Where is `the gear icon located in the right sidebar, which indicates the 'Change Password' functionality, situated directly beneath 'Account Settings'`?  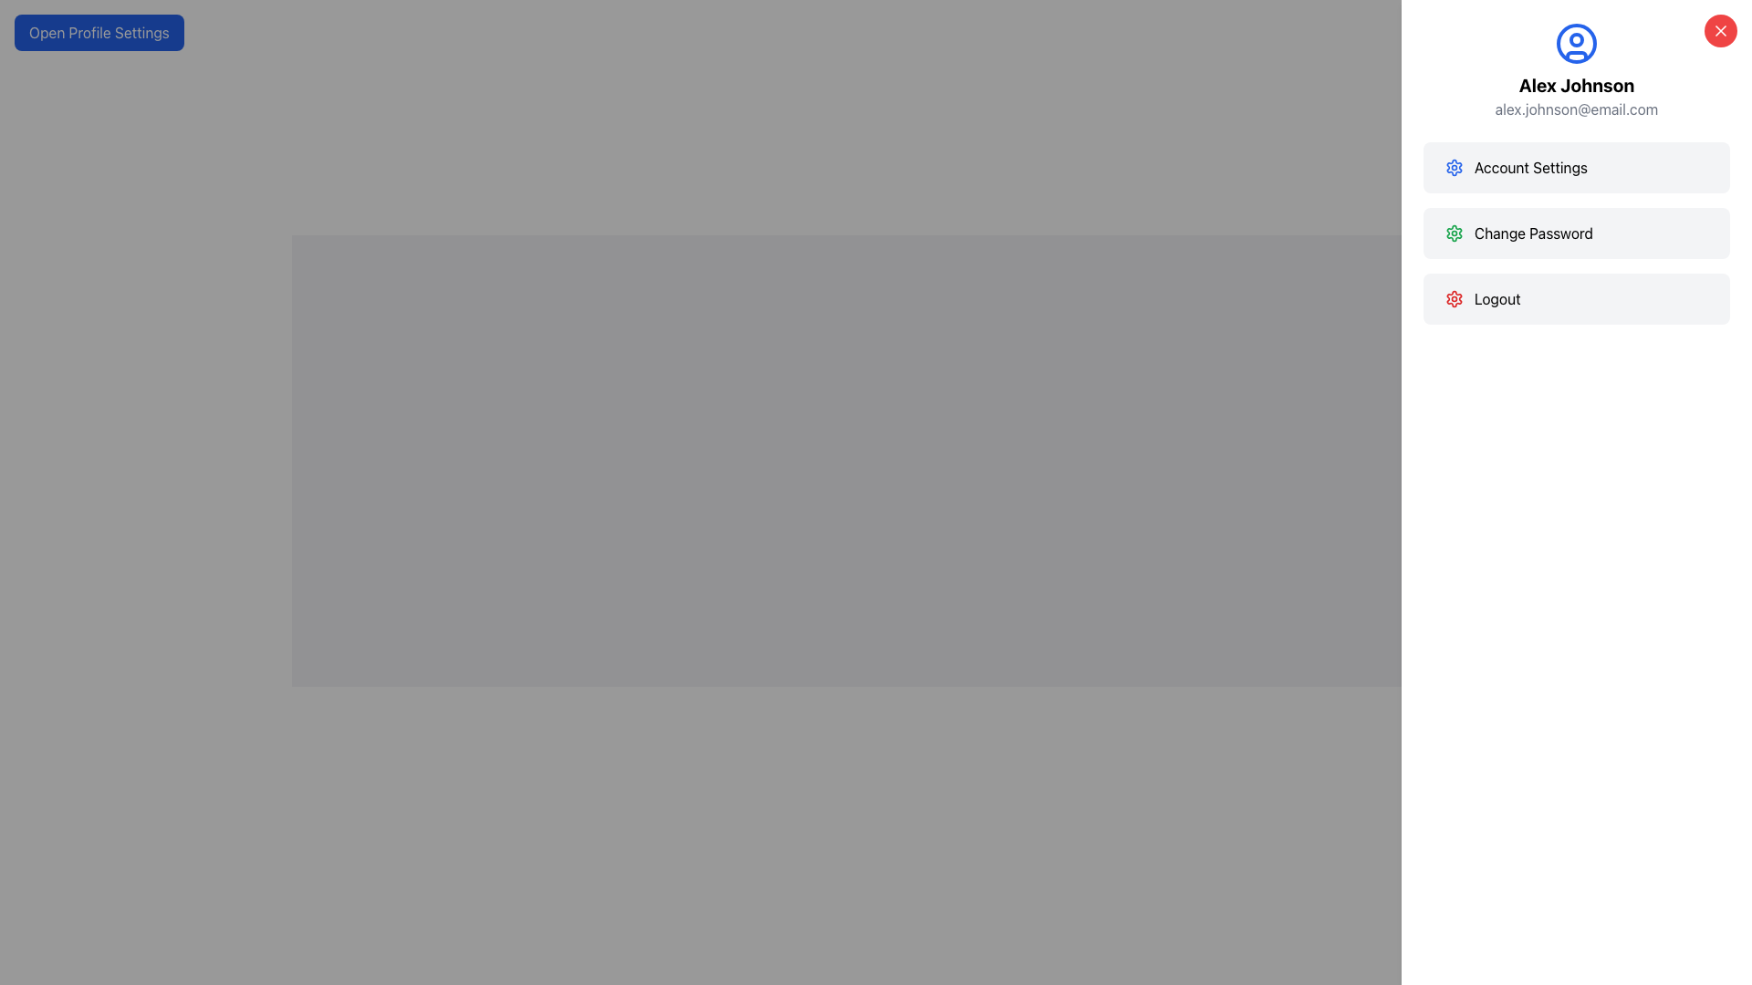
the gear icon located in the right sidebar, which indicates the 'Change Password' functionality, situated directly beneath 'Account Settings' is located at coordinates (1453, 232).